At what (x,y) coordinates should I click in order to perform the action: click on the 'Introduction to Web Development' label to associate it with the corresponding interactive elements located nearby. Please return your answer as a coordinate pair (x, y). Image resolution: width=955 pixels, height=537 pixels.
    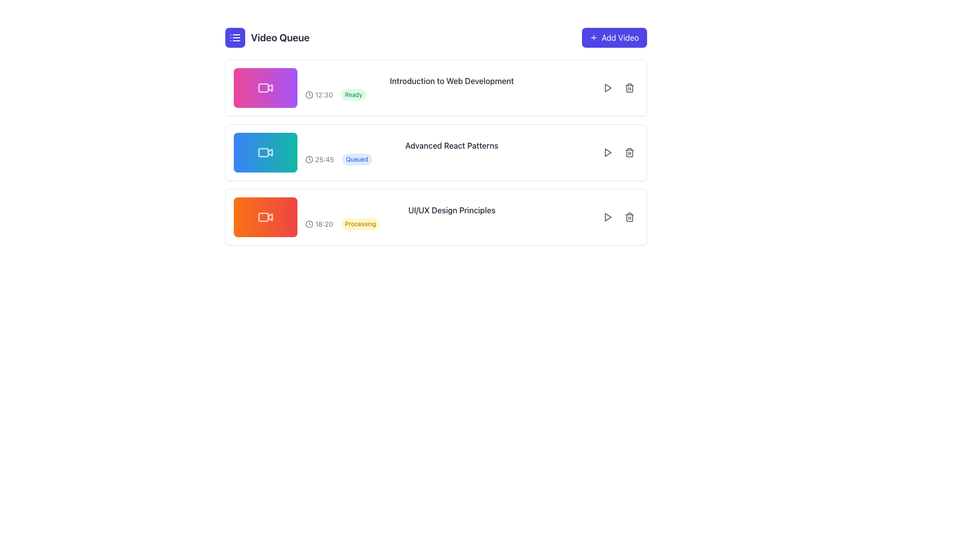
    Looking at the image, I should click on (451, 88).